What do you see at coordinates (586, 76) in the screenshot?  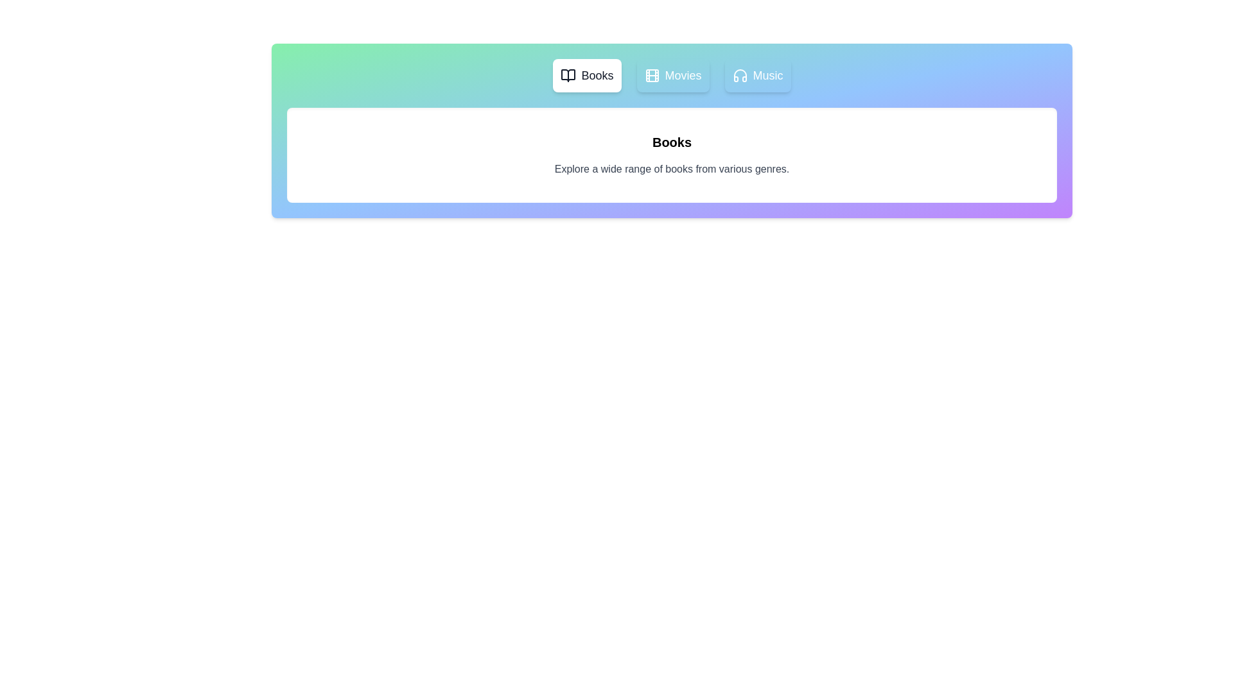 I see `the tab labeled Books` at bounding box center [586, 76].